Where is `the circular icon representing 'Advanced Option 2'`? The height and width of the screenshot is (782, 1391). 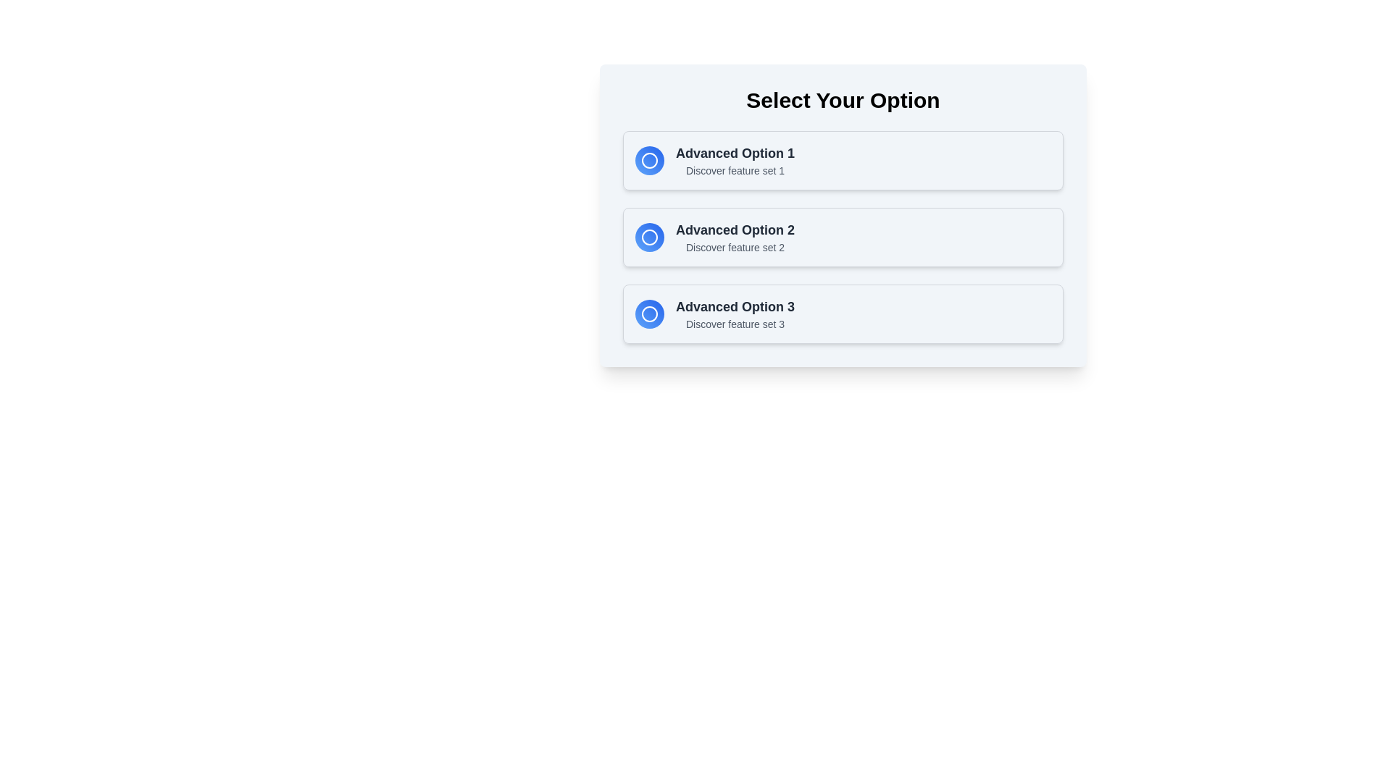 the circular icon representing 'Advanced Option 2' is located at coordinates (649, 236).